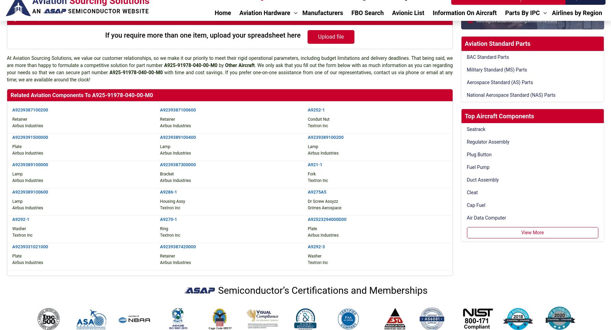  I want to click on 'Information on Aircraft', so click(289, 211).